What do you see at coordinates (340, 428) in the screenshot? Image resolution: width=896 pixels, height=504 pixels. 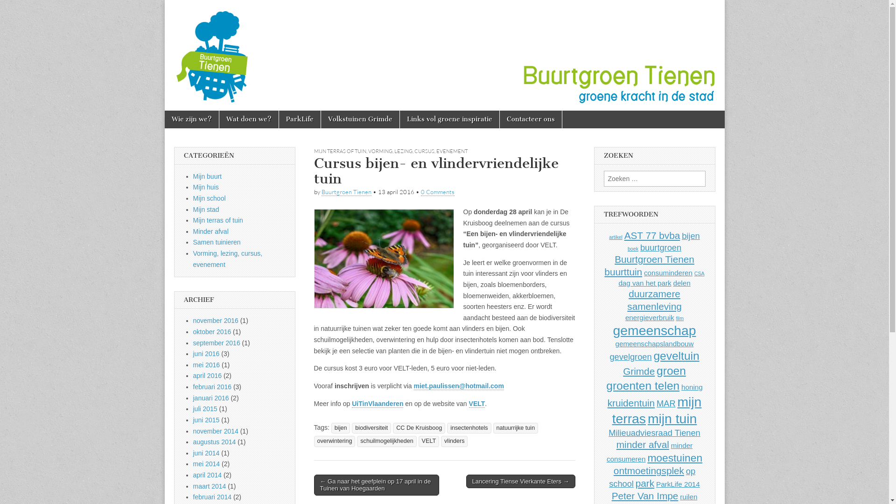 I see `'bijen'` at bounding box center [340, 428].